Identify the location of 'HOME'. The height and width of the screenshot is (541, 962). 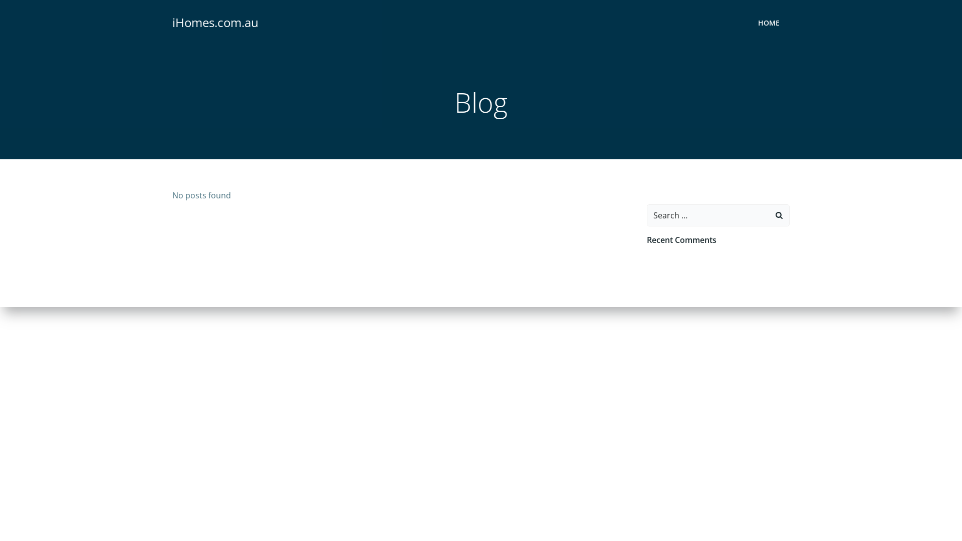
(768, 22).